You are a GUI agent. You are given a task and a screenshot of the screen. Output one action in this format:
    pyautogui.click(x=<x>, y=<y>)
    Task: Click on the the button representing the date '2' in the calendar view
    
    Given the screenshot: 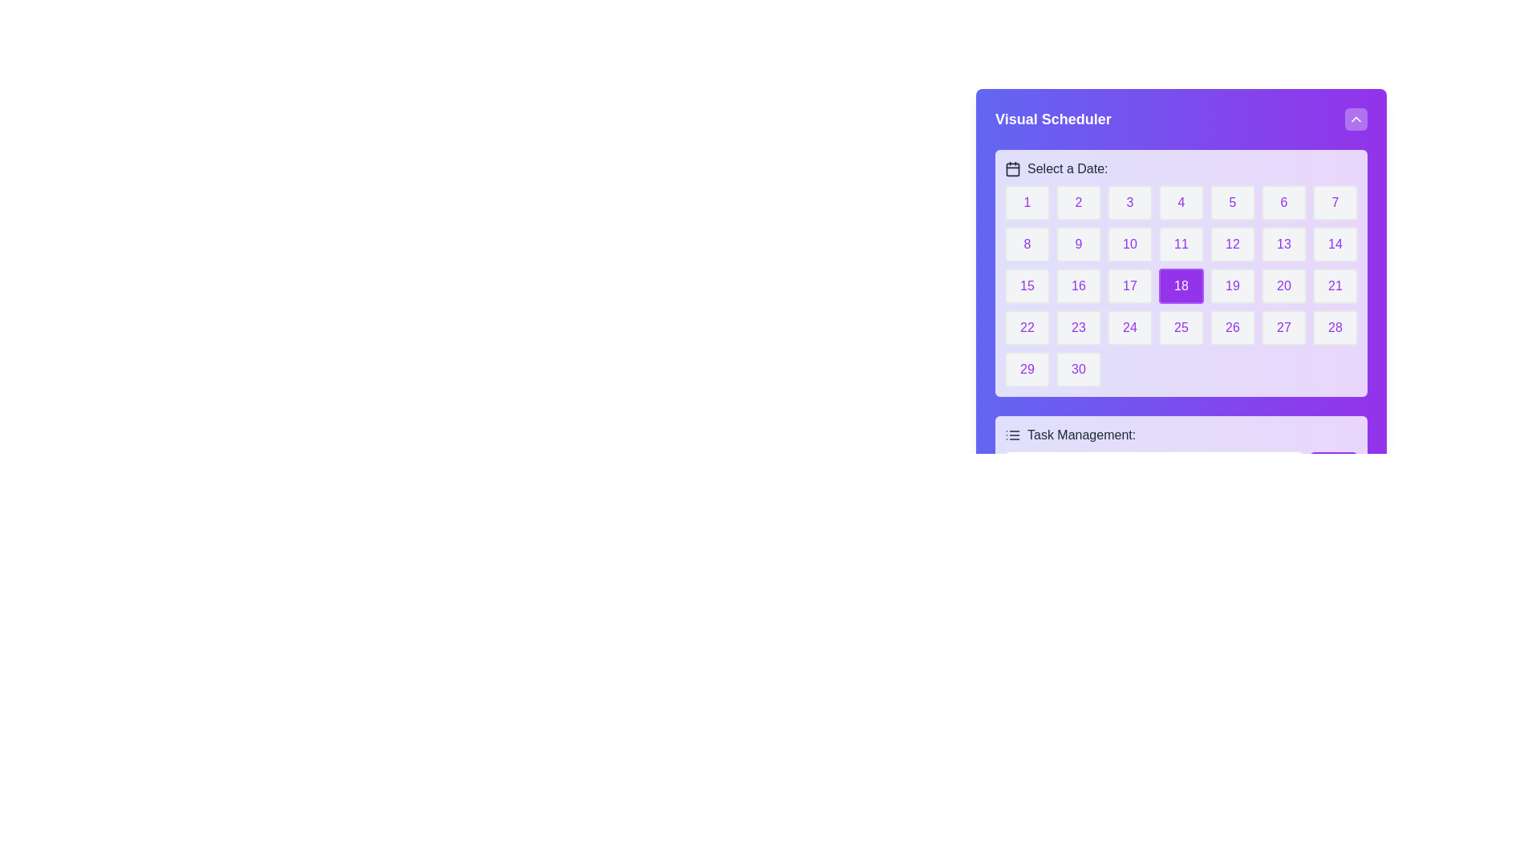 What is the action you would take?
    pyautogui.click(x=1078, y=202)
    